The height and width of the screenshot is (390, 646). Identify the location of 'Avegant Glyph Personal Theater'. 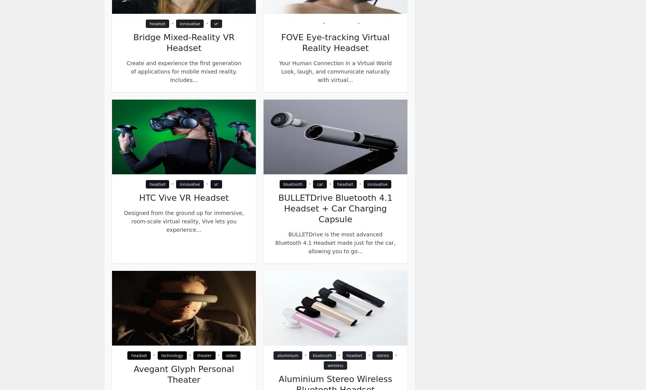
(183, 374).